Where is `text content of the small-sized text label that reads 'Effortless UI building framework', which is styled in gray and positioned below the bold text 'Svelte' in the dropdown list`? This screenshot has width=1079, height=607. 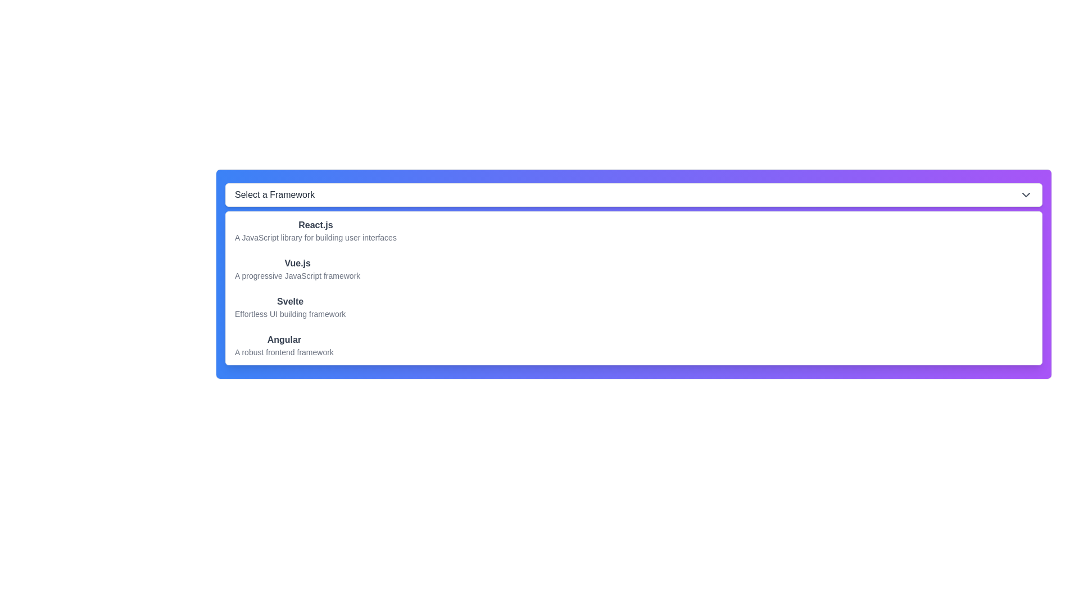 text content of the small-sized text label that reads 'Effortless UI building framework', which is styled in gray and positioned below the bold text 'Svelte' in the dropdown list is located at coordinates (290, 314).